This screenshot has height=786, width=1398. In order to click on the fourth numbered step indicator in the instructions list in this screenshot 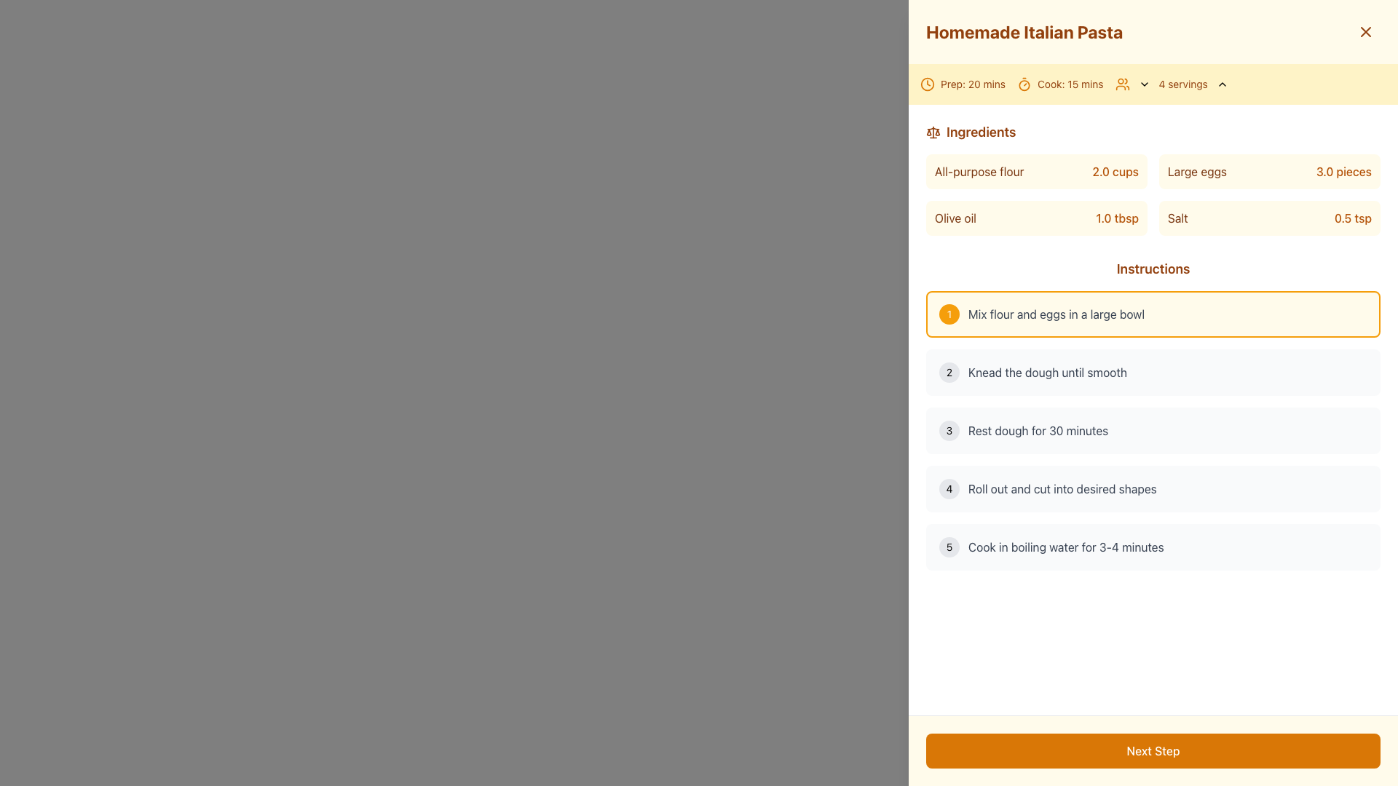, I will do `click(949, 488)`.